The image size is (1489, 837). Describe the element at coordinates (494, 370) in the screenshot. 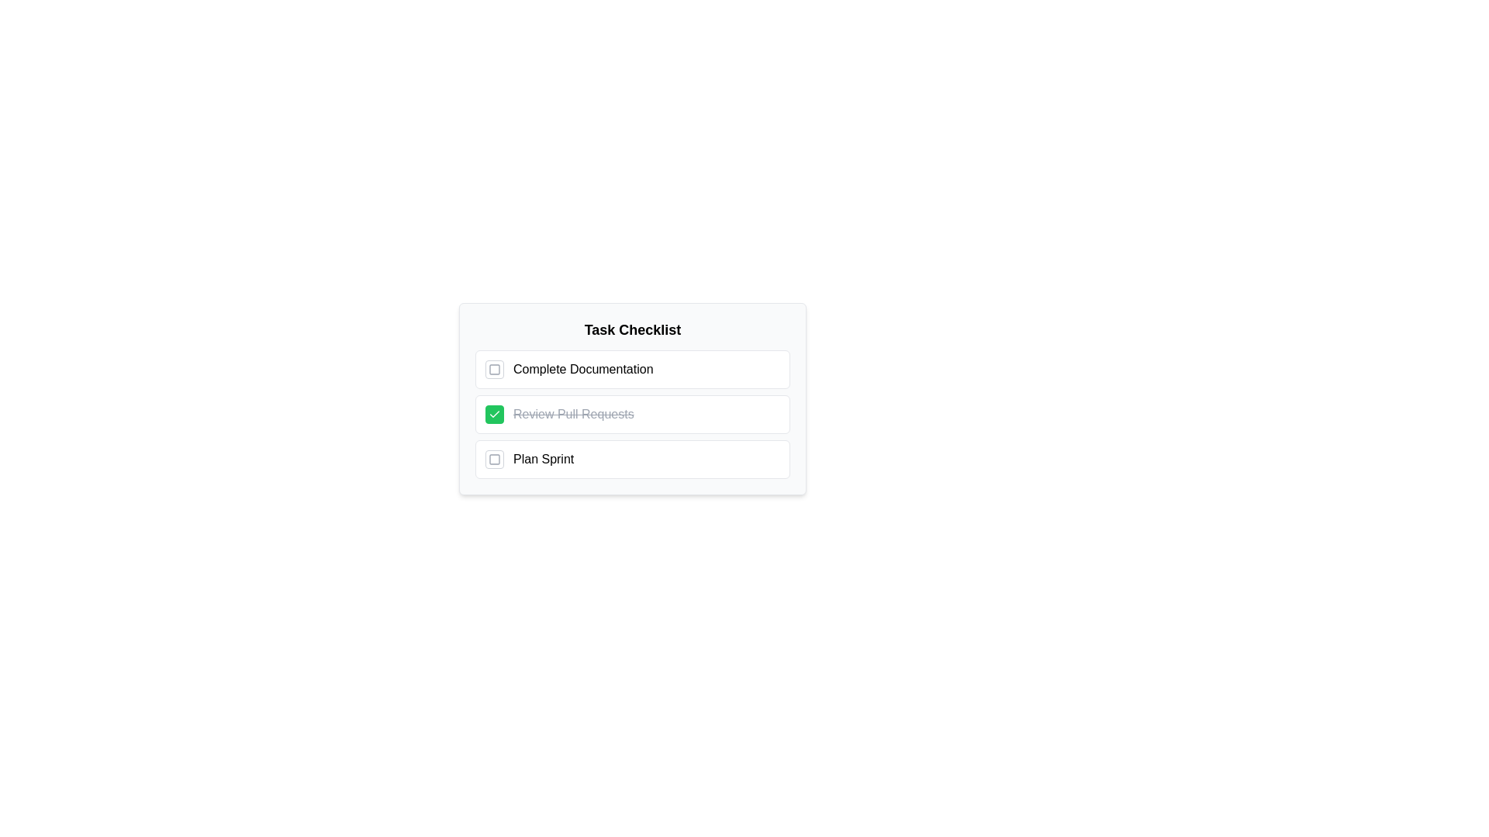

I see `the interactive checkbox button located` at that location.